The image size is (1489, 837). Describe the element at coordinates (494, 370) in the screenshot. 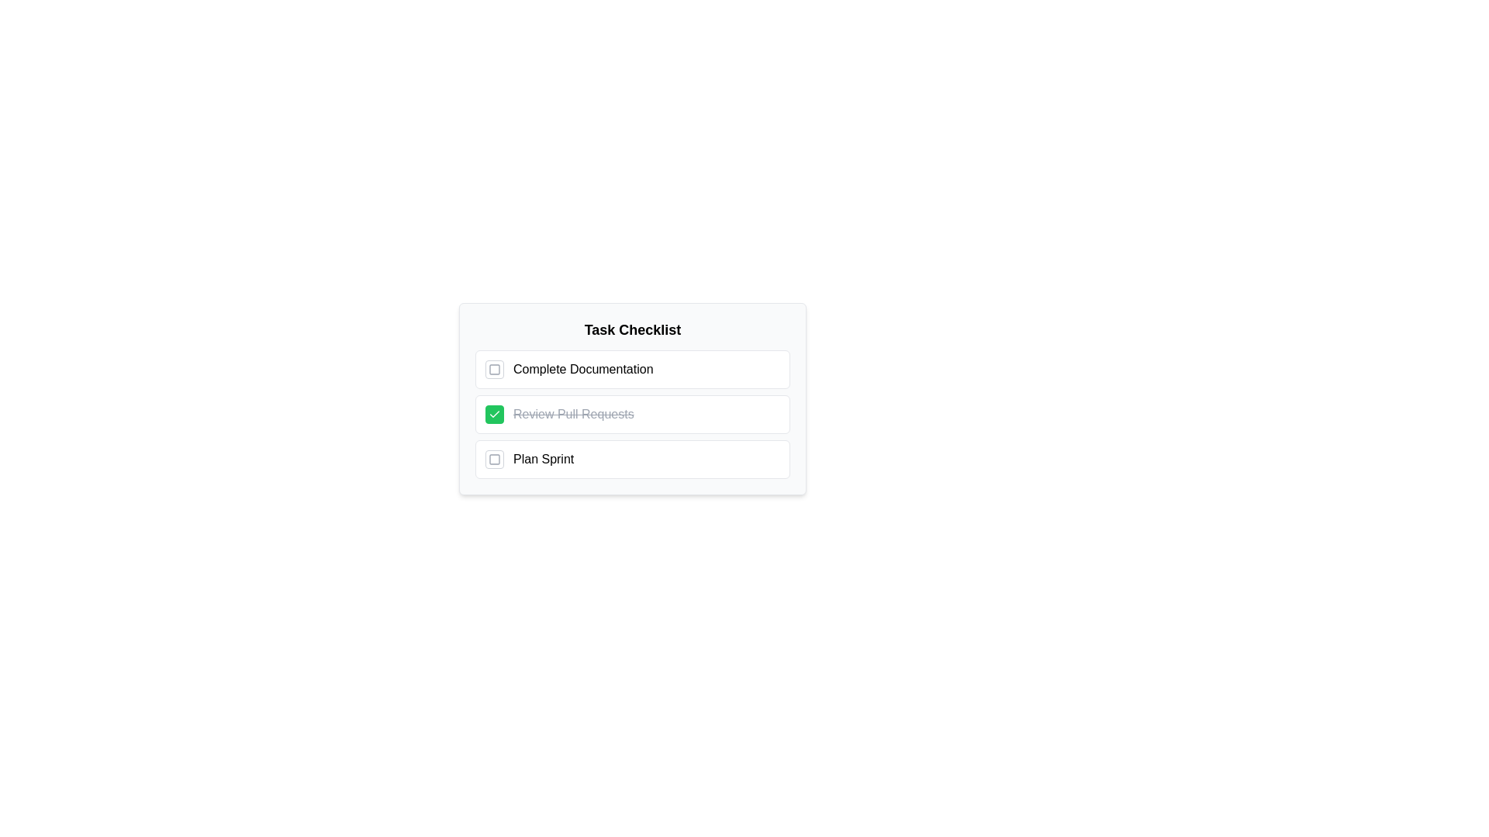

I see `the interactive checkbox button located` at that location.